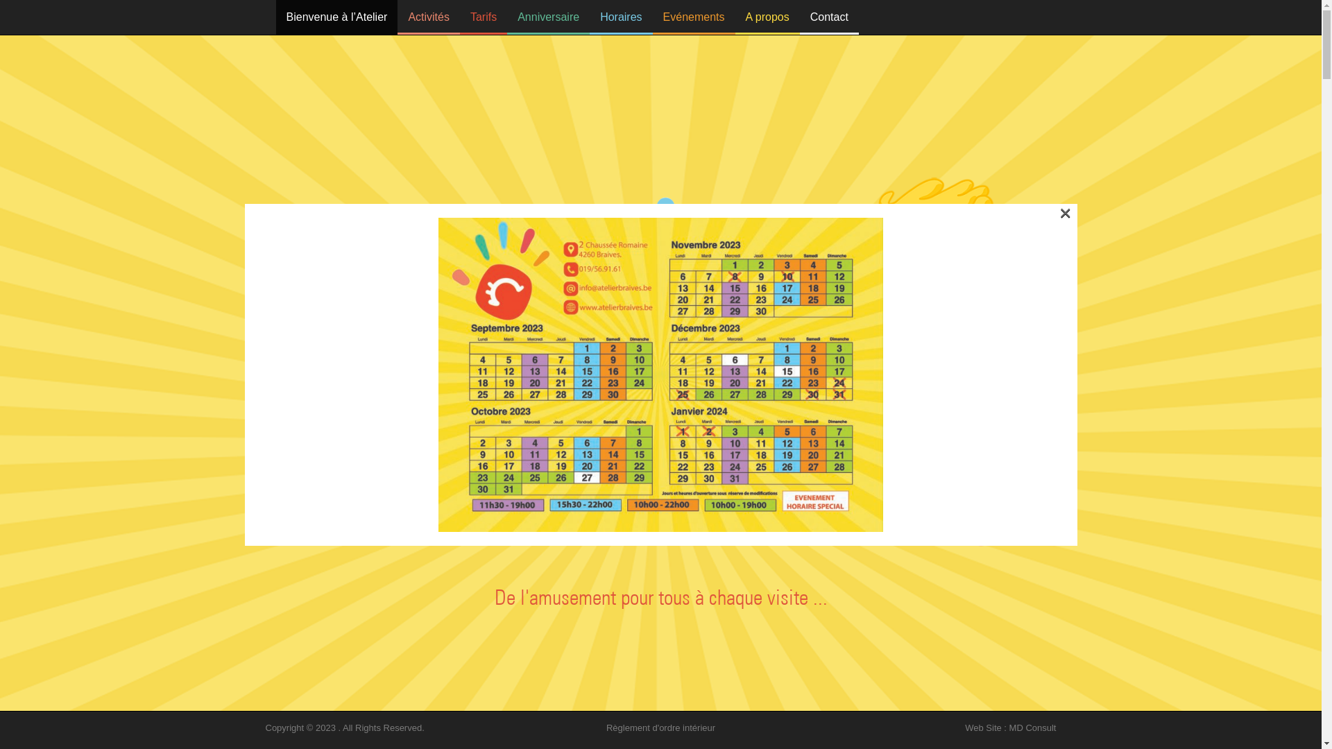 This screenshot has width=1332, height=749. What do you see at coordinates (829, 17) in the screenshot?
I see `'Contact'` at bounding box center [829, 17].